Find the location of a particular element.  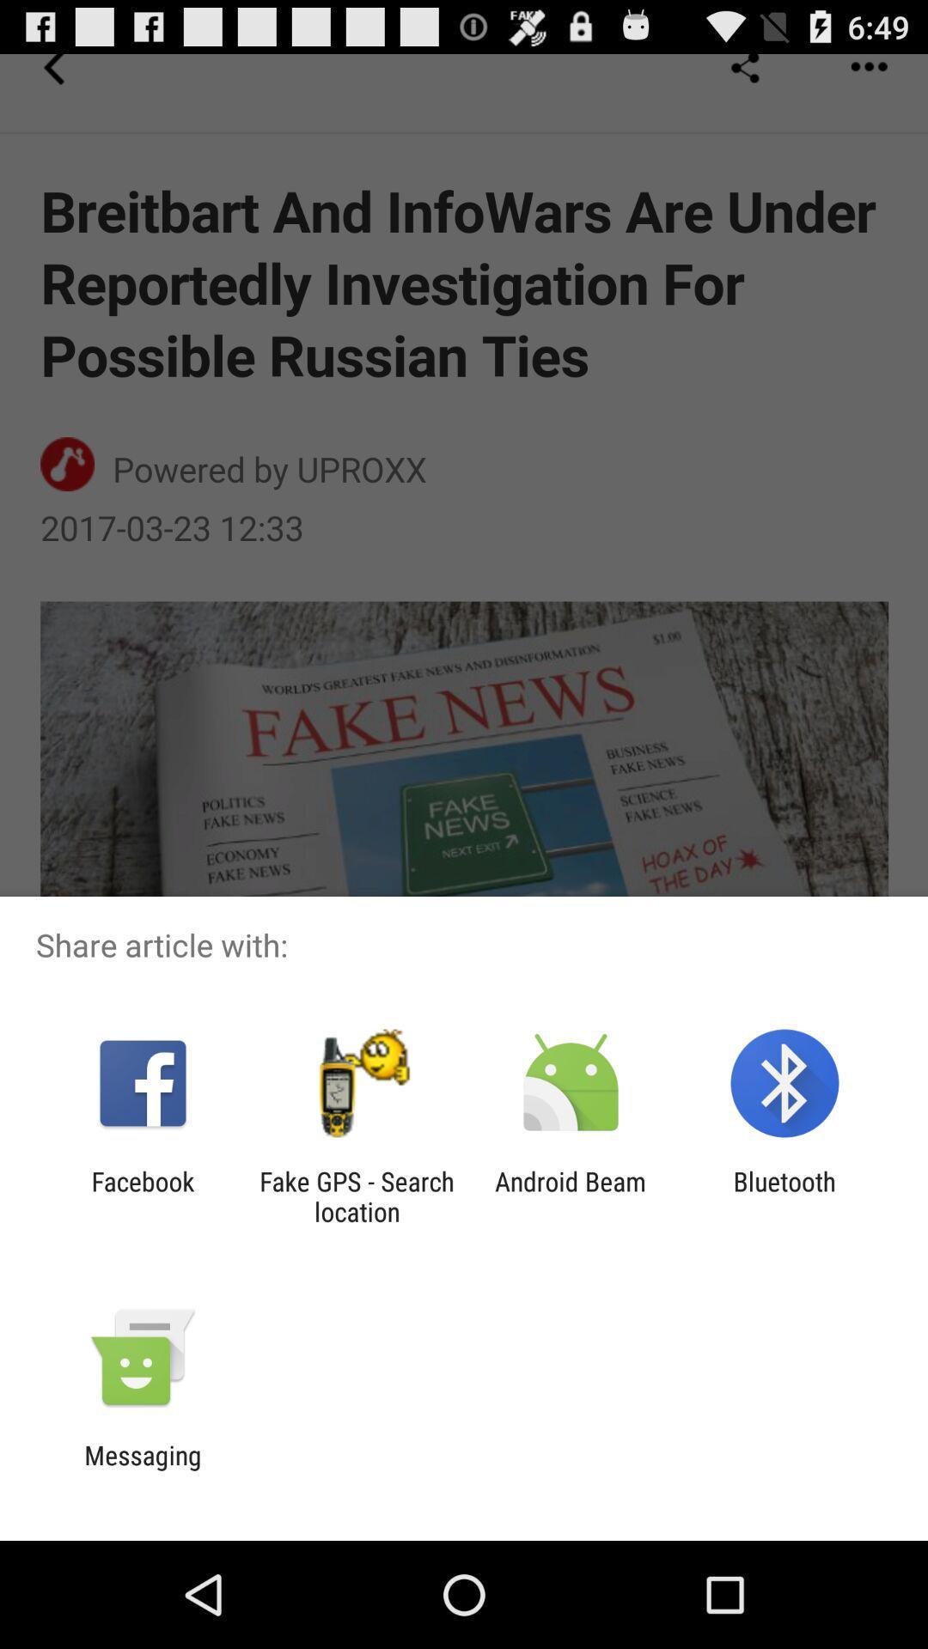

the app next to the fake gps search app is located at coordinates (571, 1196).